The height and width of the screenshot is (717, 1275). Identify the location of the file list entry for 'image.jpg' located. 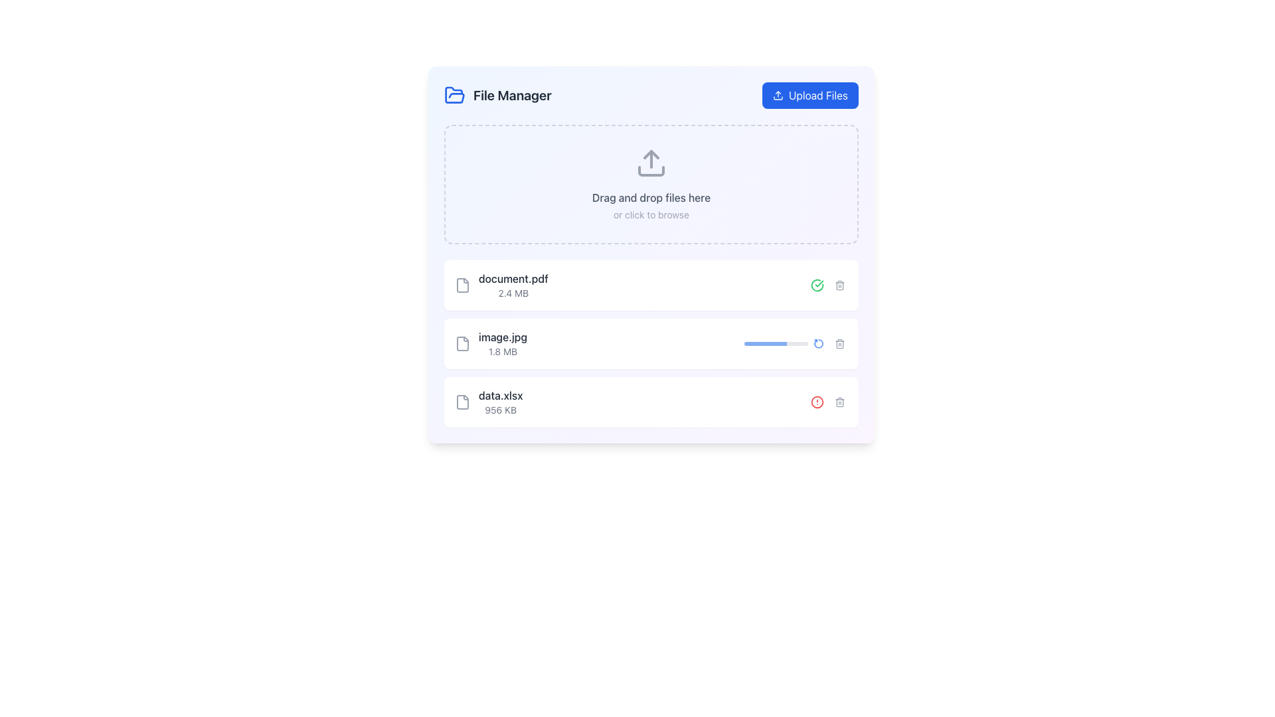
(490, 343).